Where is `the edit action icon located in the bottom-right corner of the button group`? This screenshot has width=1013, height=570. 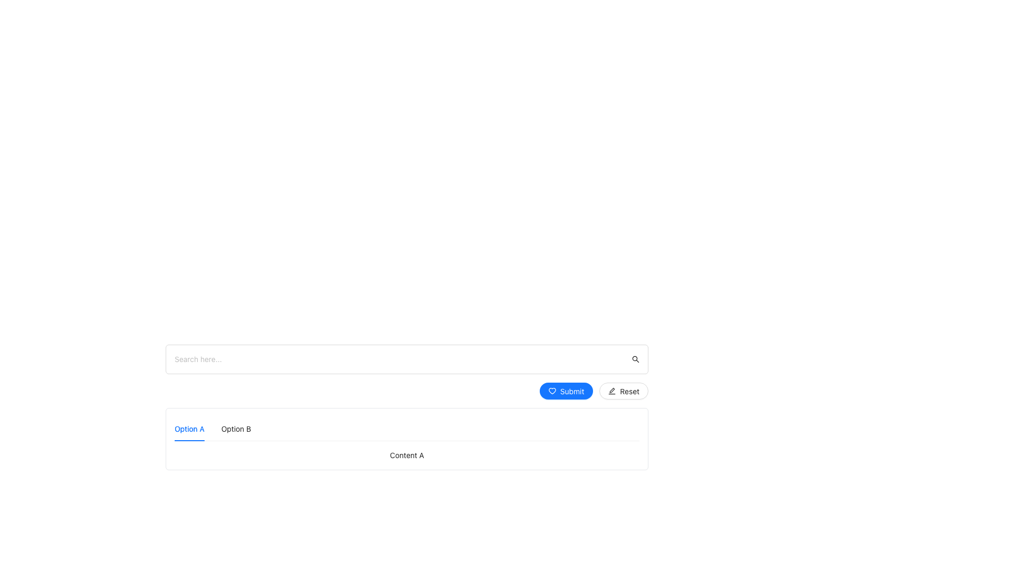
the edit action icon located in the bottom-right corner of the button group is located at coordinates (612, 391).